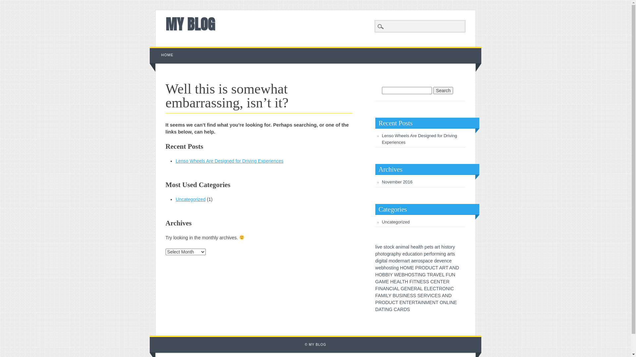 This screenshot has height=357, width=636. Describe the element at coordinates (447, 274) in the screenshot. I see `'F'` at that location.